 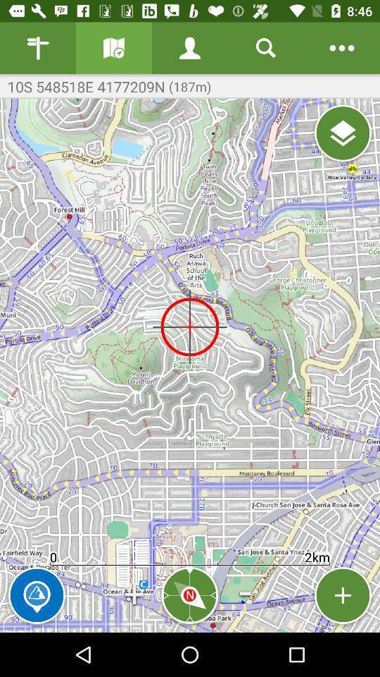 What do you see at coordinates (266, 48) in the screenshot?
I see `search button` at bounding box center [266, 48].